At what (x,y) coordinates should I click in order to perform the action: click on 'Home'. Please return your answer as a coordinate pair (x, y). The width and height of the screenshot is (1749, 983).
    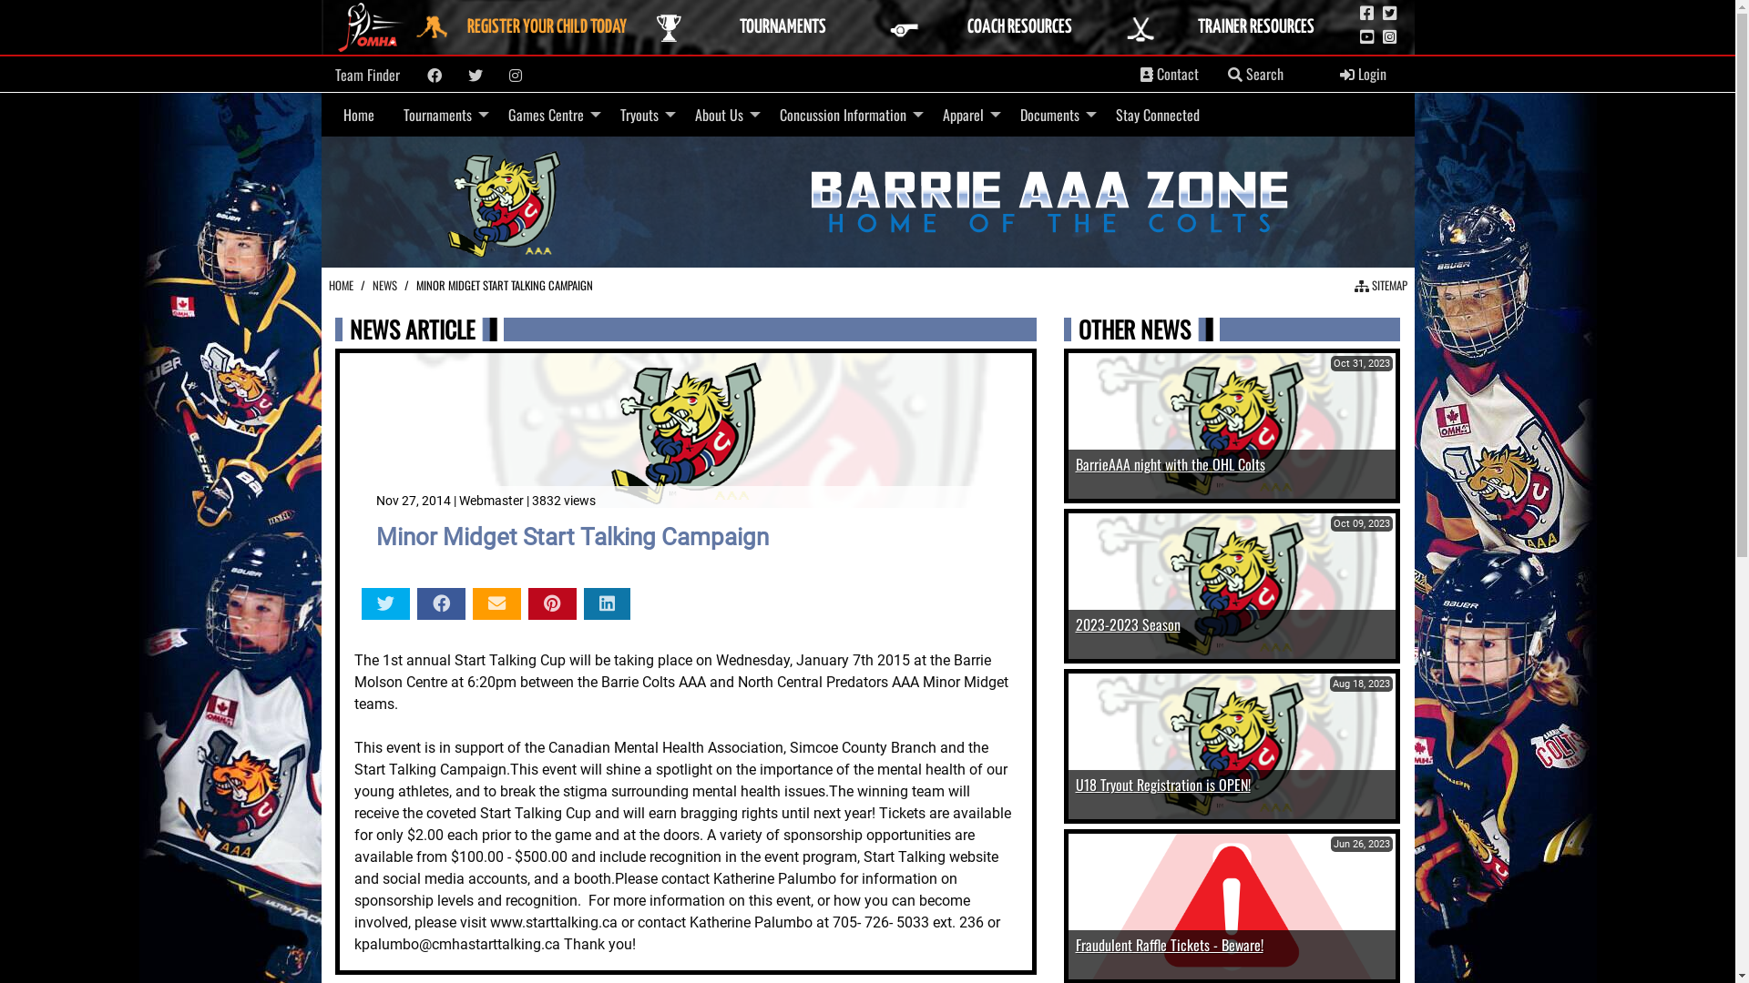
    Looking at the image, I should click on (358, 115).